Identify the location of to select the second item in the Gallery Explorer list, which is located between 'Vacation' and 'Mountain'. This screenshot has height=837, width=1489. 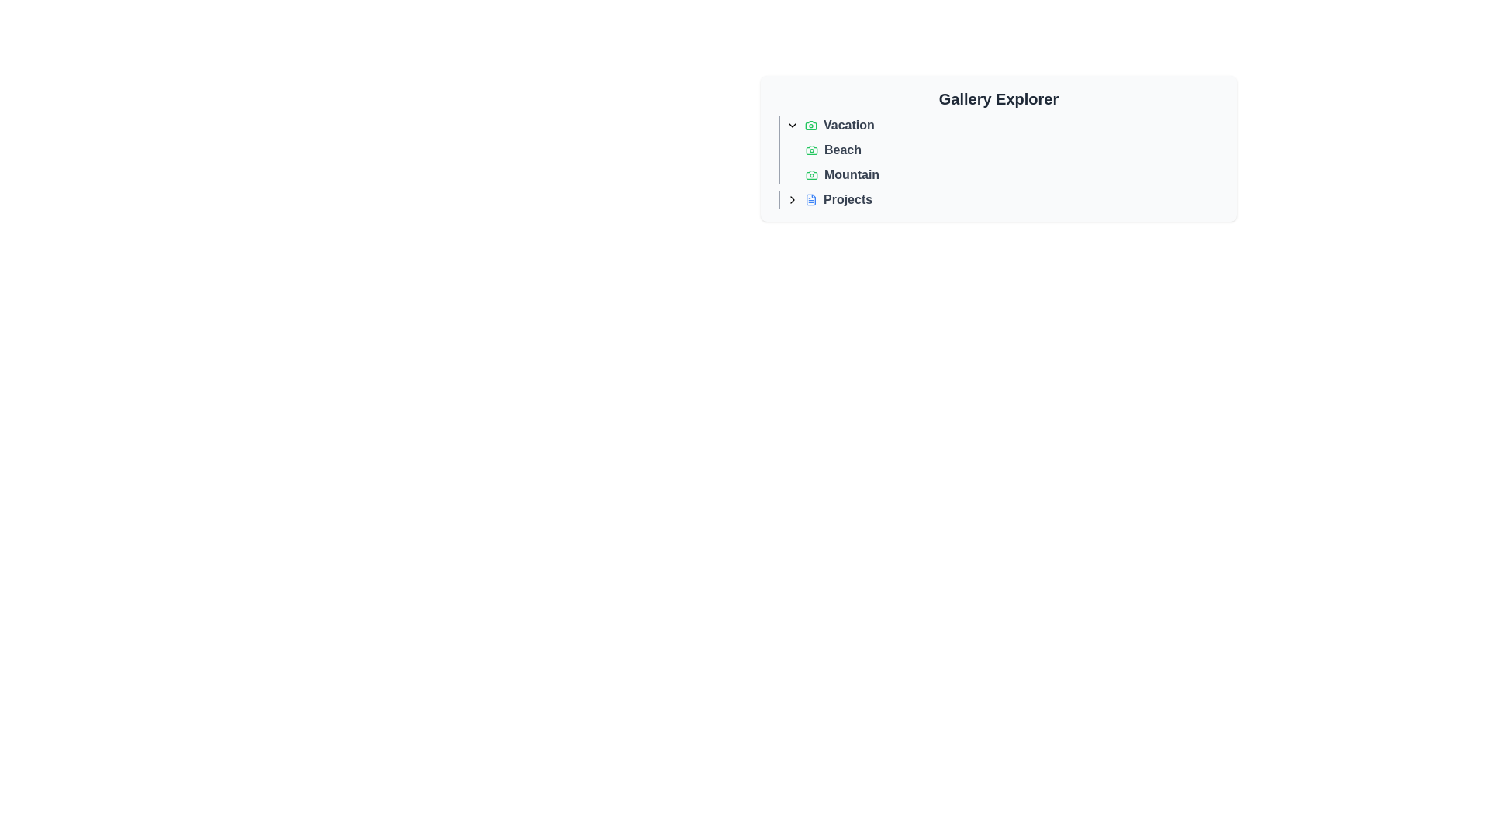
(1001, 150).